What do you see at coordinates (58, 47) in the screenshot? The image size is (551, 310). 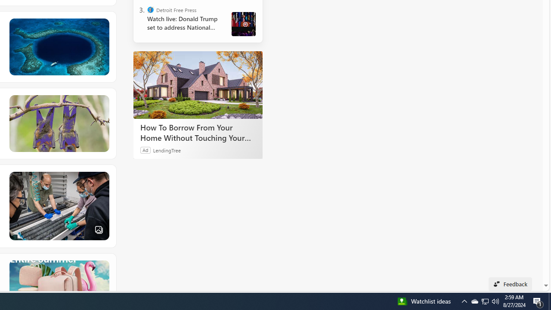 I see `'The Great Blue Hole has fascinated scientists for years.'` at bounding box center [58, 47].